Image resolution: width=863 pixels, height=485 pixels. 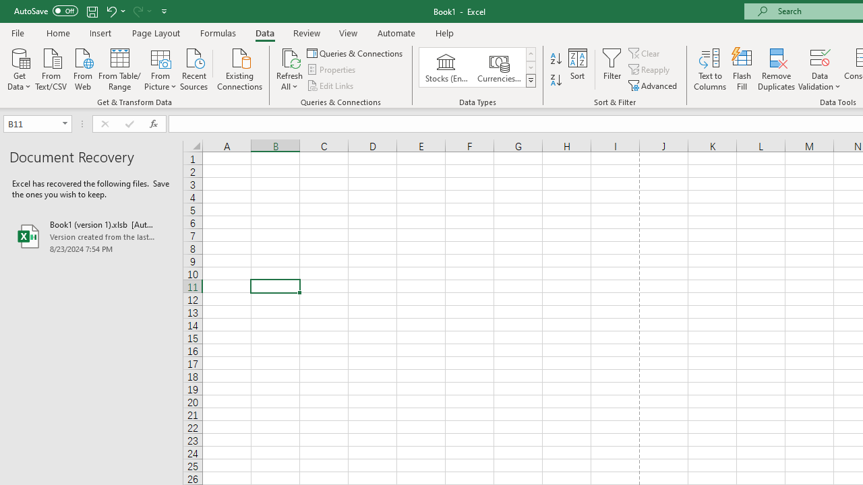 I want to click on 'Edit Links', so click(x=331, y=86).